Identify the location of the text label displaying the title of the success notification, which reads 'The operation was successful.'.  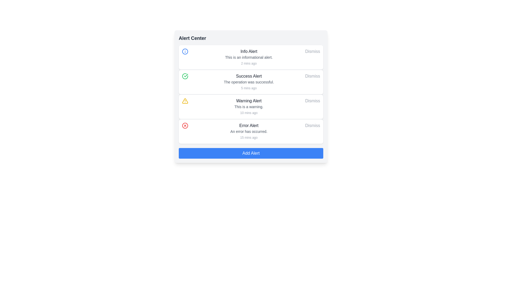
(248, 76).